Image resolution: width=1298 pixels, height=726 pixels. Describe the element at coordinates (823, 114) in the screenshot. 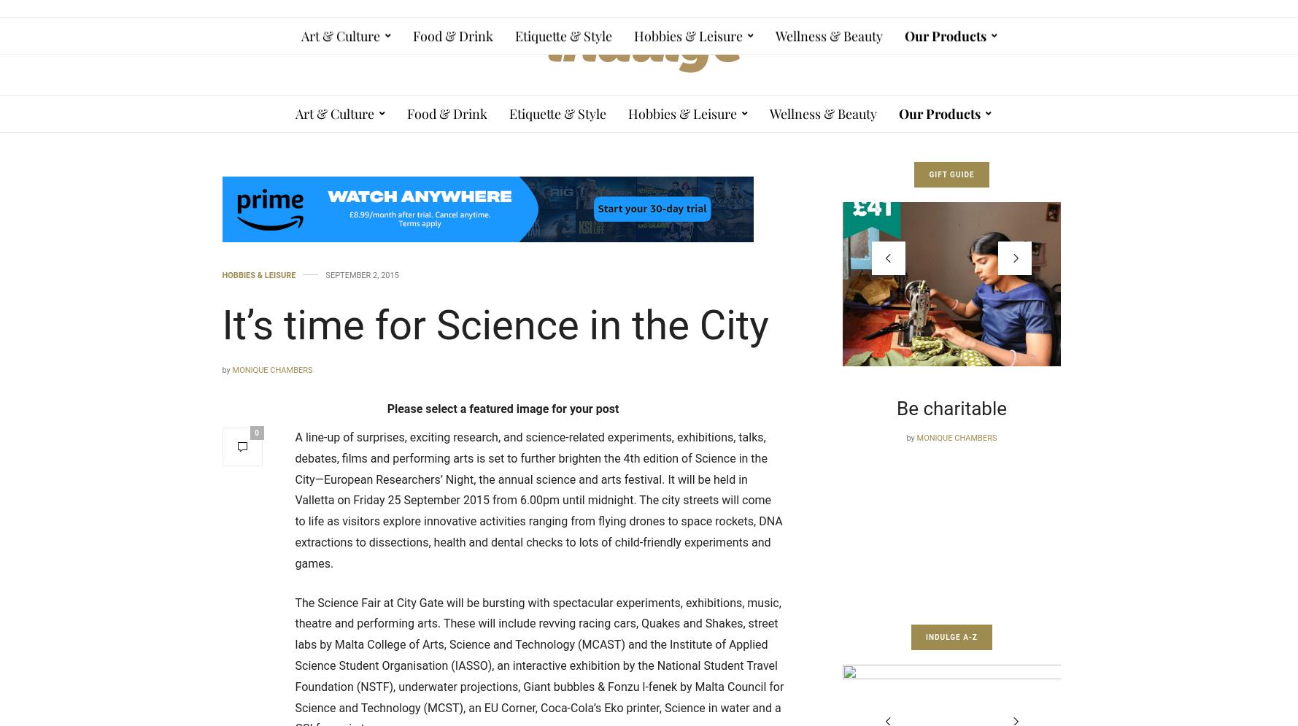

I see `'Wellness & Beauty'` at that location.